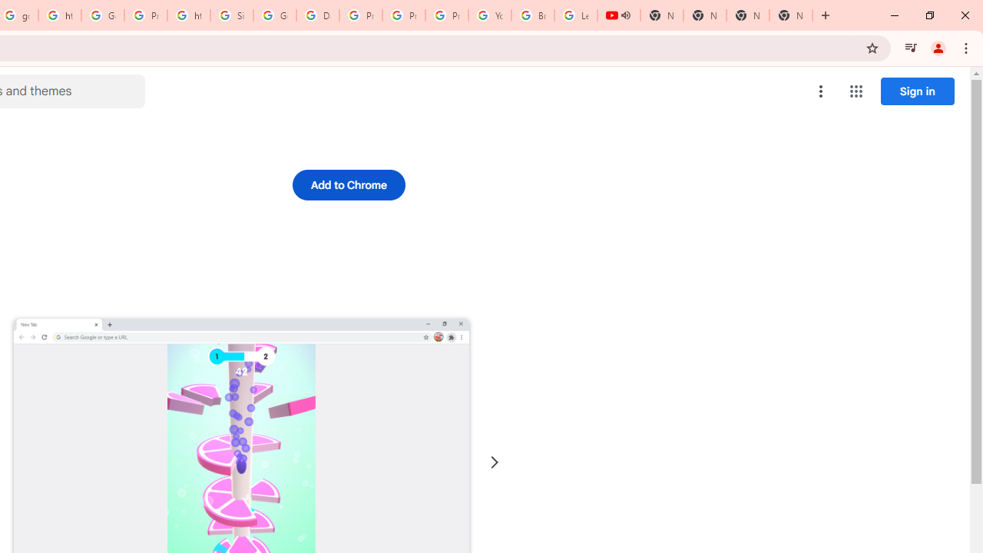 This screenshot has width=983, height=553. I want to click on 'Next slide', so click(494, 462).